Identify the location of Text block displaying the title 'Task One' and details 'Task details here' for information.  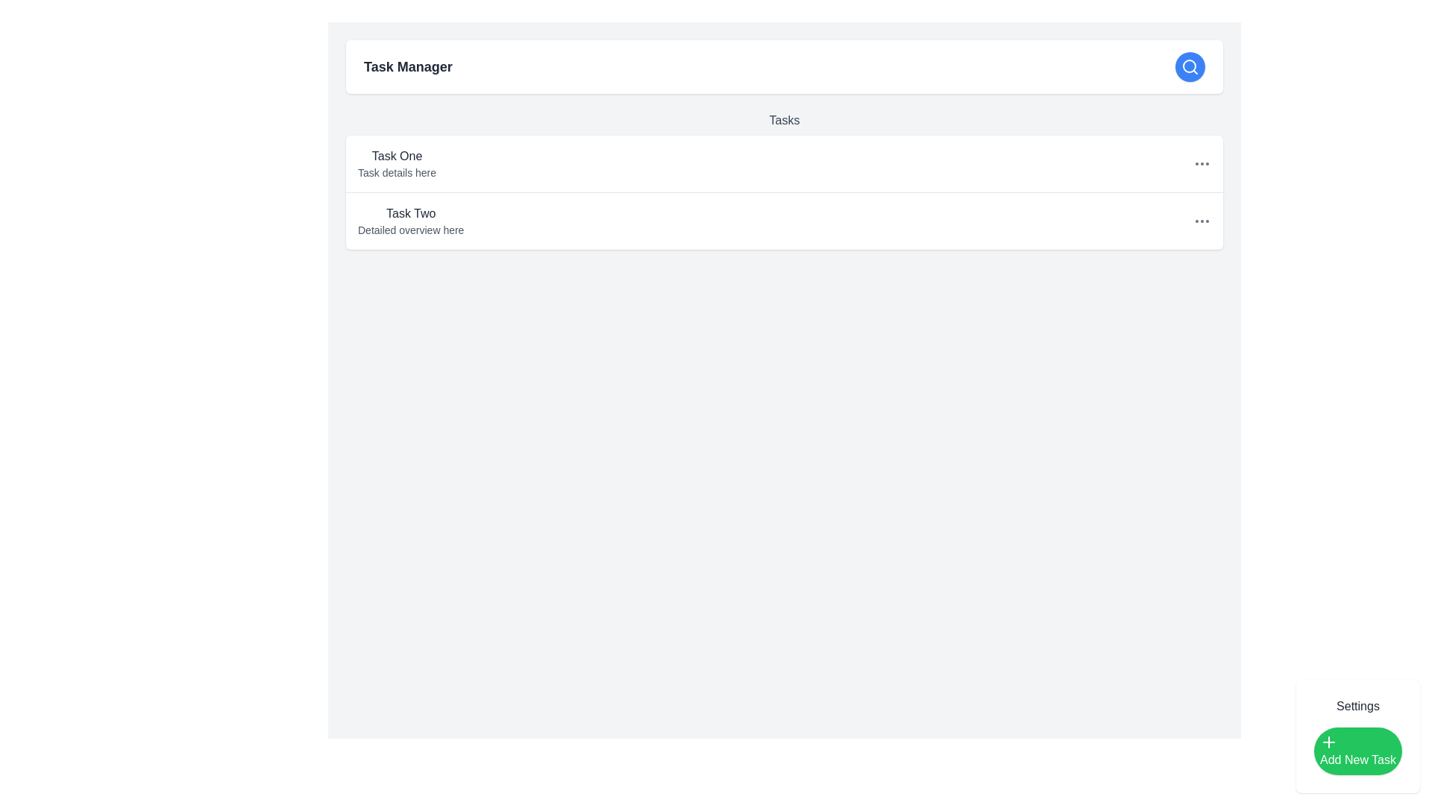
(397, 163).